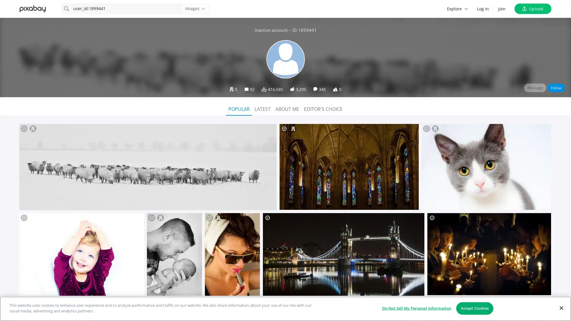 The width and height of the screenshot is (571, 321). Describe the element at coordinates (561, 308) in the screenshot. I see `Close` at that location.